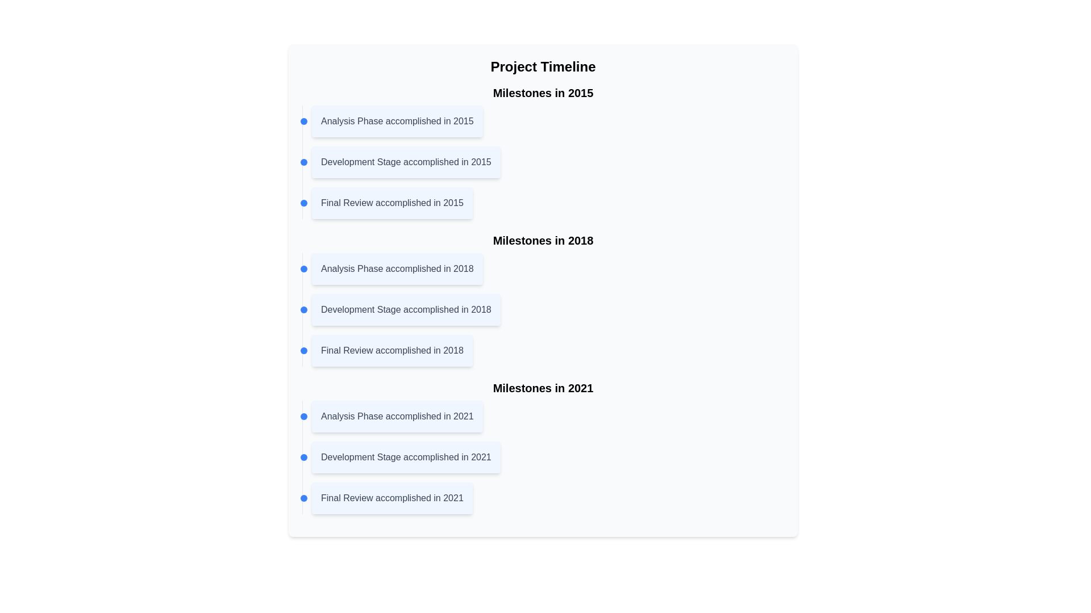  Describe the element at coordinates (392, 350) in the screenshot. I see `the Informational Label indicating the completion of the 'Final Review' stage in 2018, located under 'Milestones in 2018' in the vertical timeline layout` at that location.